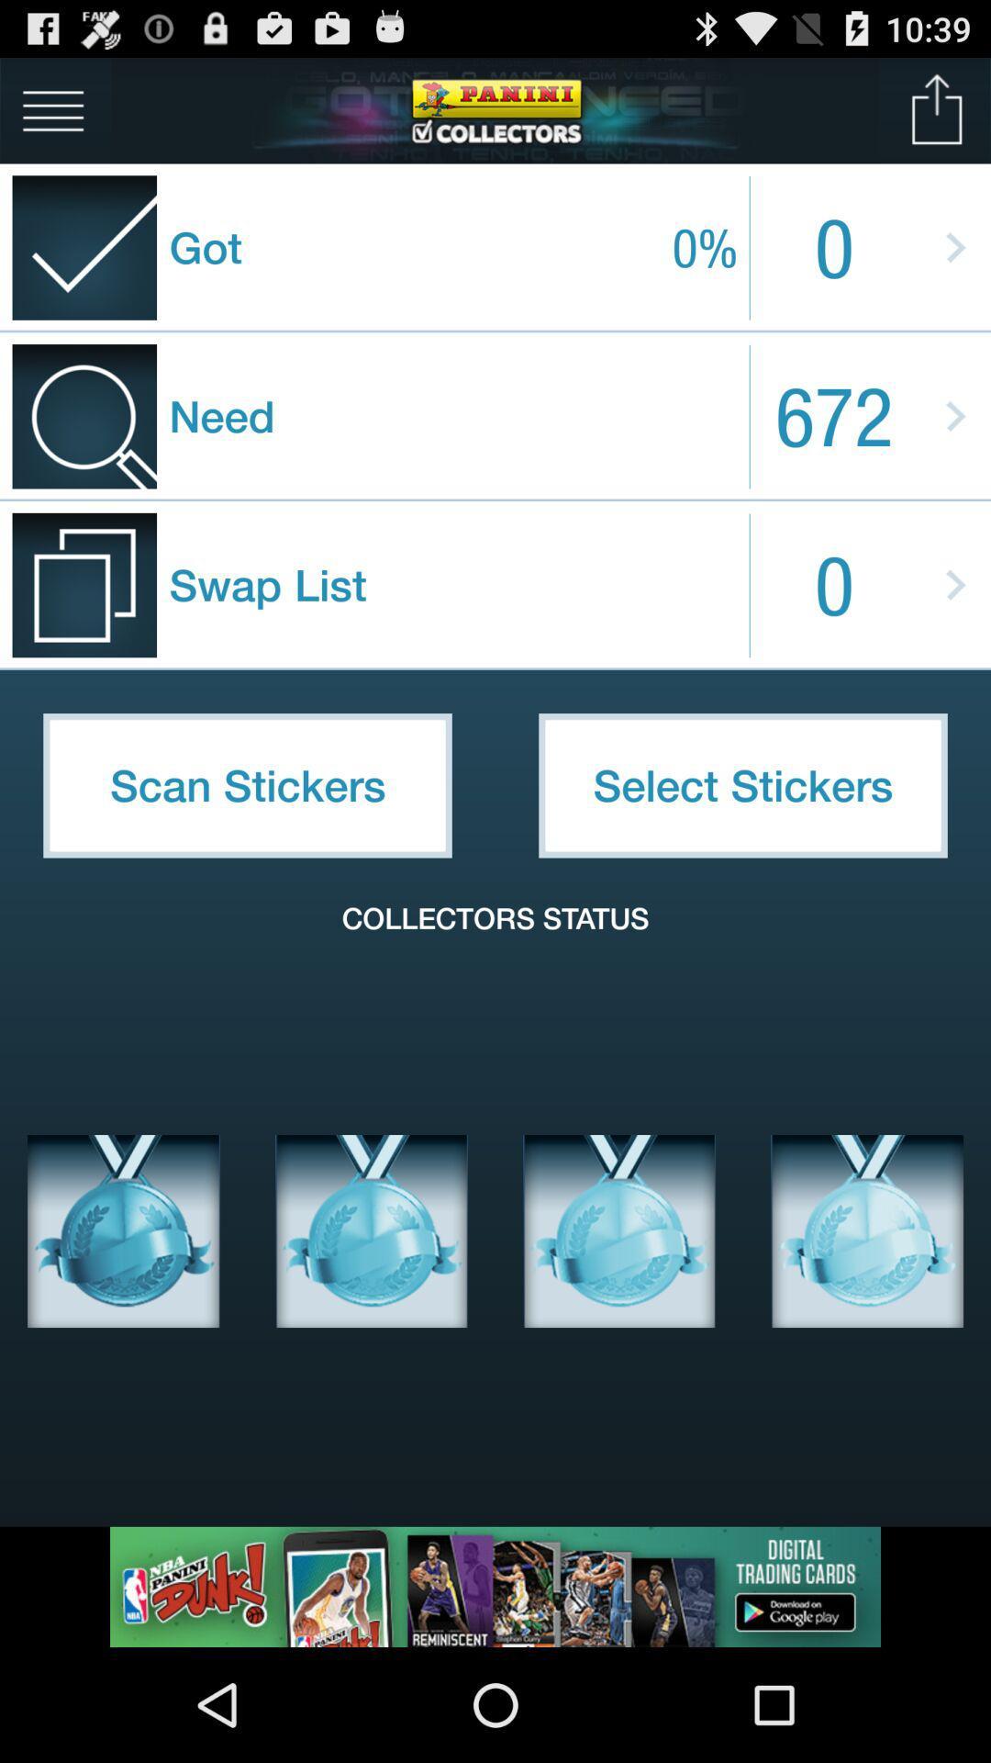 The height and width of the screenshot is (1763, 991). I want to click on the menu icon, so click(52, 117).